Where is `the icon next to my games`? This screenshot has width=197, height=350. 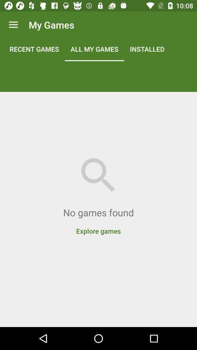
the icon next to my games is located at coordinates (13, 25).